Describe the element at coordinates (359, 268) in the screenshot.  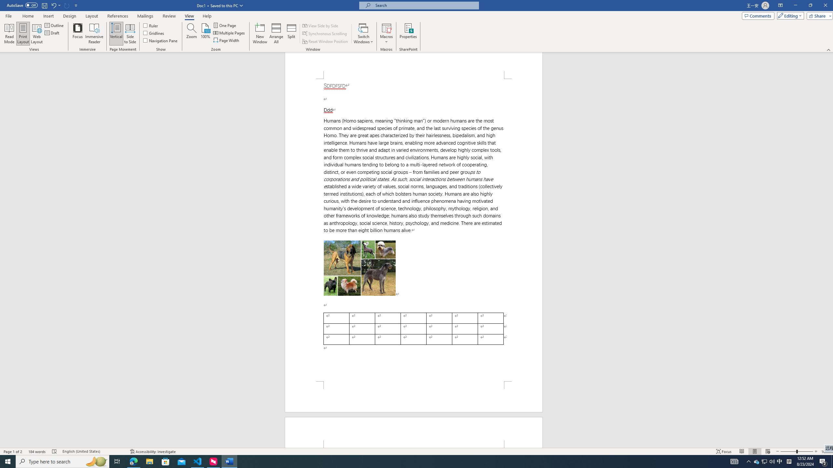
I see `'Morphological variation in six dogs'` at that location.